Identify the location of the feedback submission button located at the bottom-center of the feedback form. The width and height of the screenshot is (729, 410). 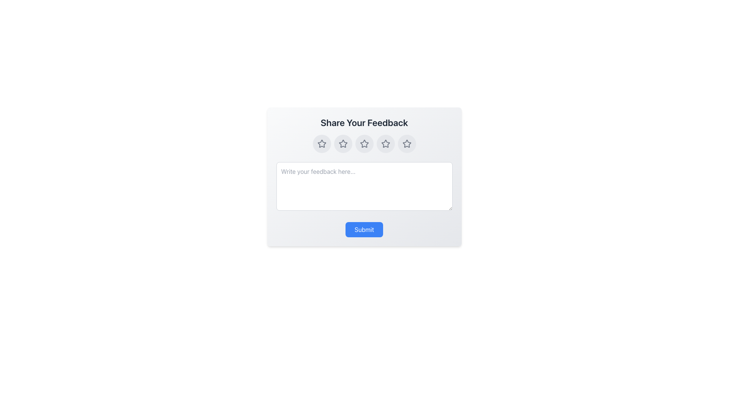
(364, 229).